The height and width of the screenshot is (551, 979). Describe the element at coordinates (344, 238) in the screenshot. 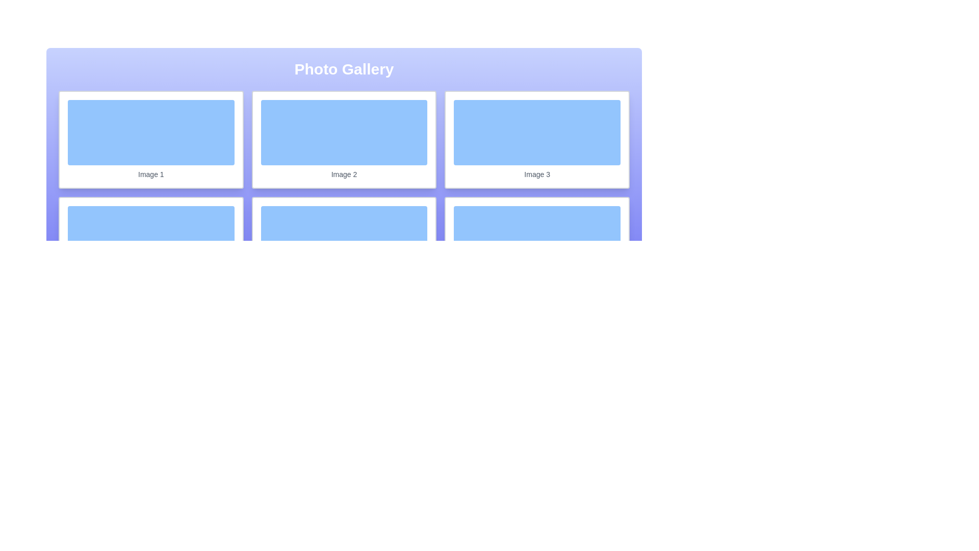

I see `the soft blue rectangular box with rounded corners located above the text label 'Image 5'` at that location.